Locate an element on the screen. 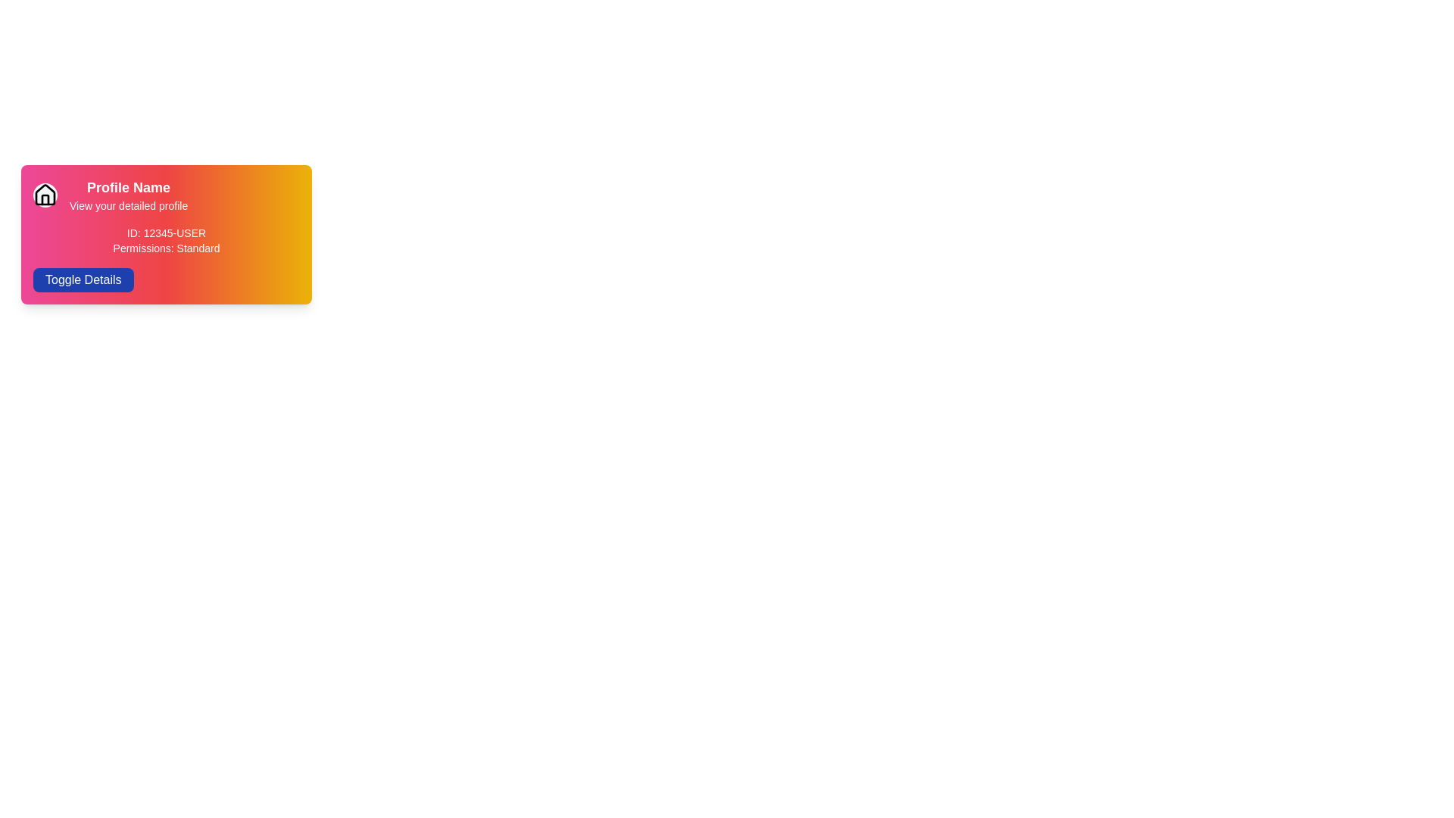 This screenshot has width=1454, height=818. the 'Toggle Details' button is located at coordinates (83, 280).